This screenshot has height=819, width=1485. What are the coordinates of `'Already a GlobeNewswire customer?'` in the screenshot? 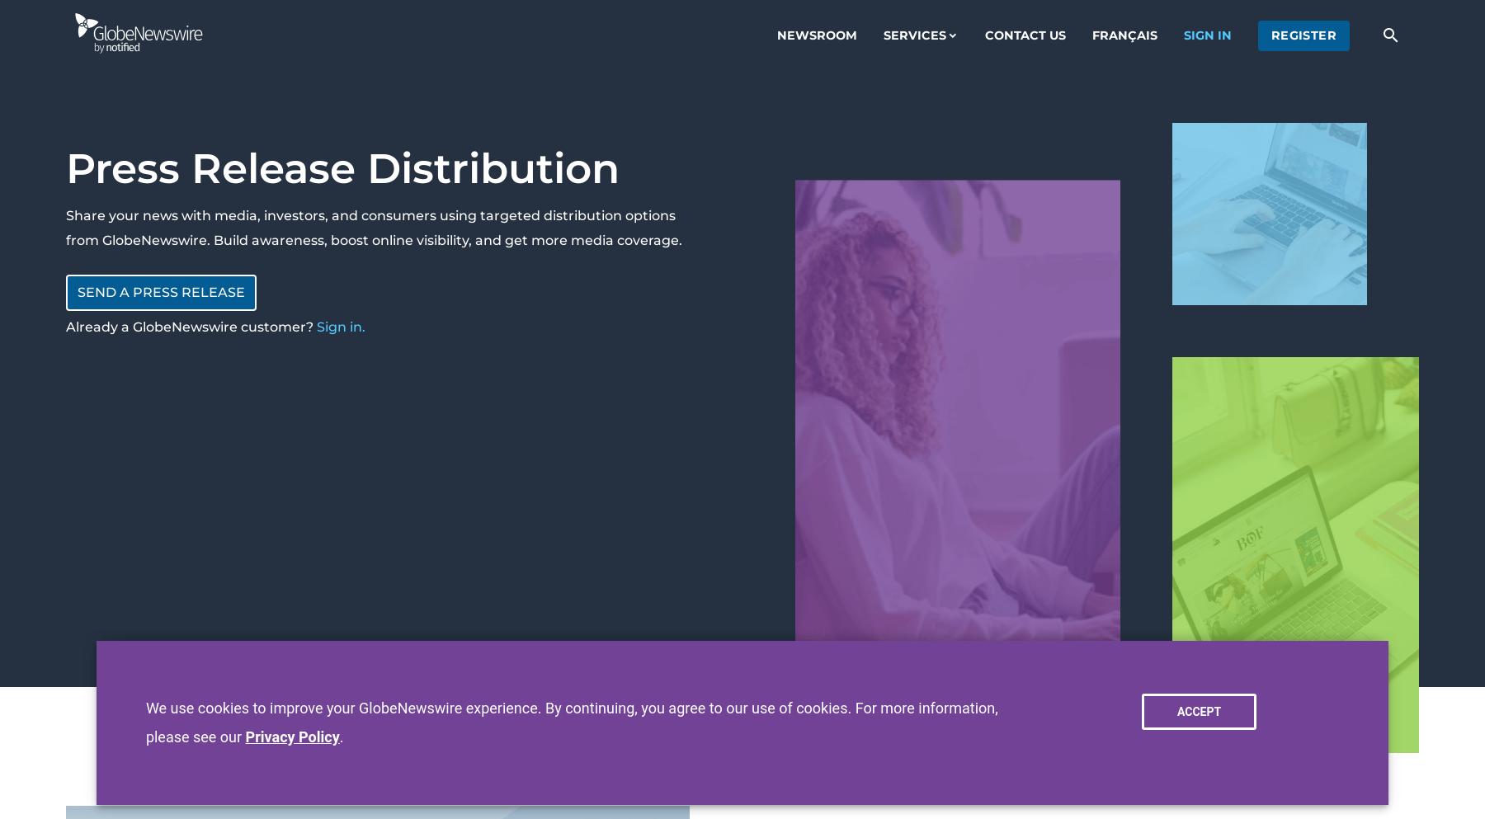 It's located at (191, 326).